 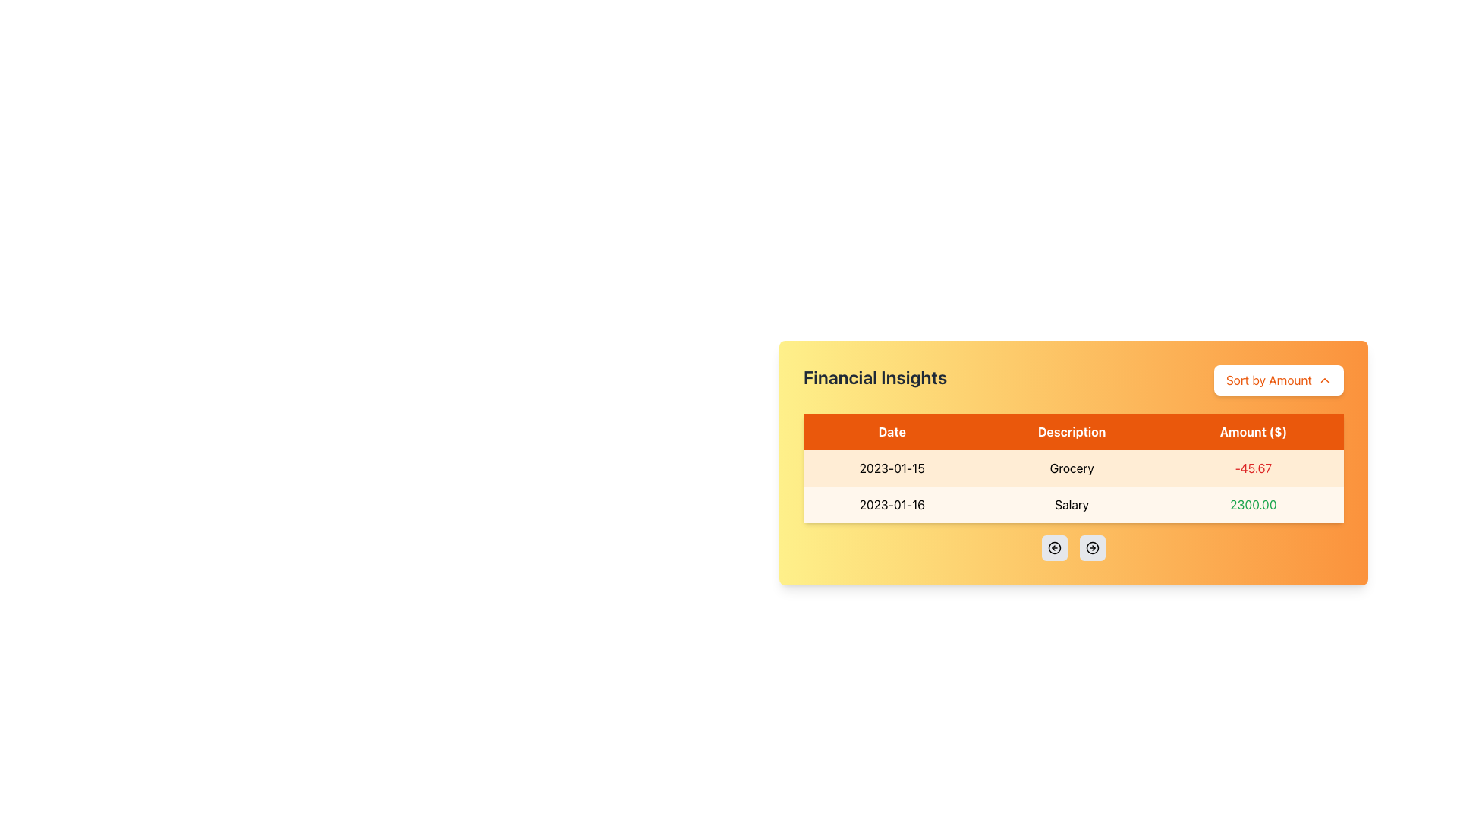 What do you see at coordinates (1071, 504) in the screenshot?
I see `the text field displaying 'Salary' in black font, which is centered within a light beige background in the second cell of the 'Description' column of the table for the date '2023-01-16' in the 'Financial Insights' card interface` at bounding box center [1071, 504].